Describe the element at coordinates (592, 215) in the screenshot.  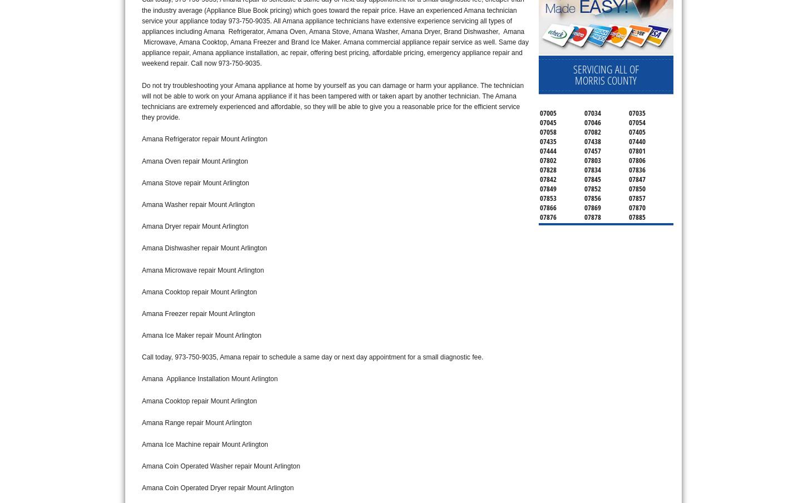
I see `'07878'` at that location.